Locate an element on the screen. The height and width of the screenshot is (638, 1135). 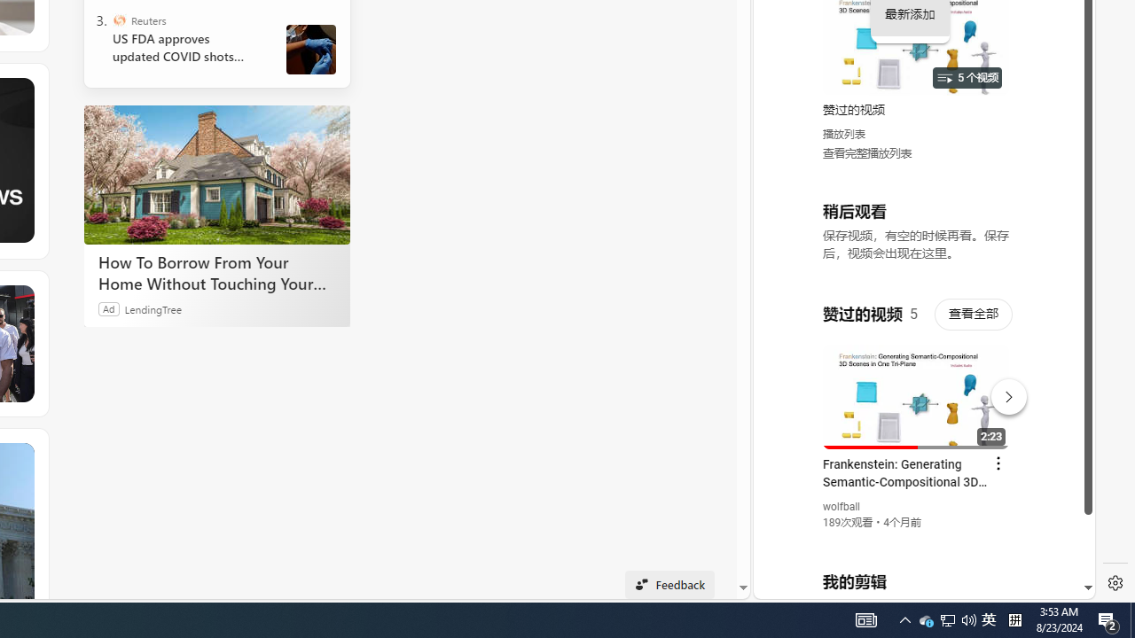
'LendingTree' is located at coordinates (153, 307).